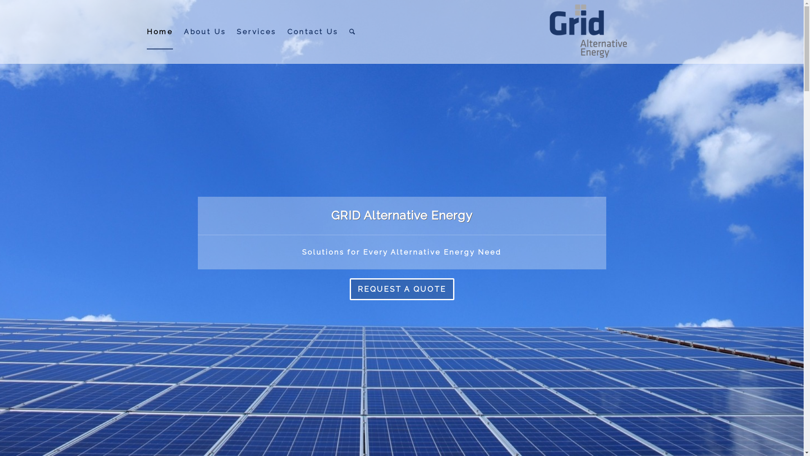 The image size is (810, 456). What do you see at coordinates (312, 31) in the screenshot?
I see `'Contact Us'` at bounding box center [312, 31].